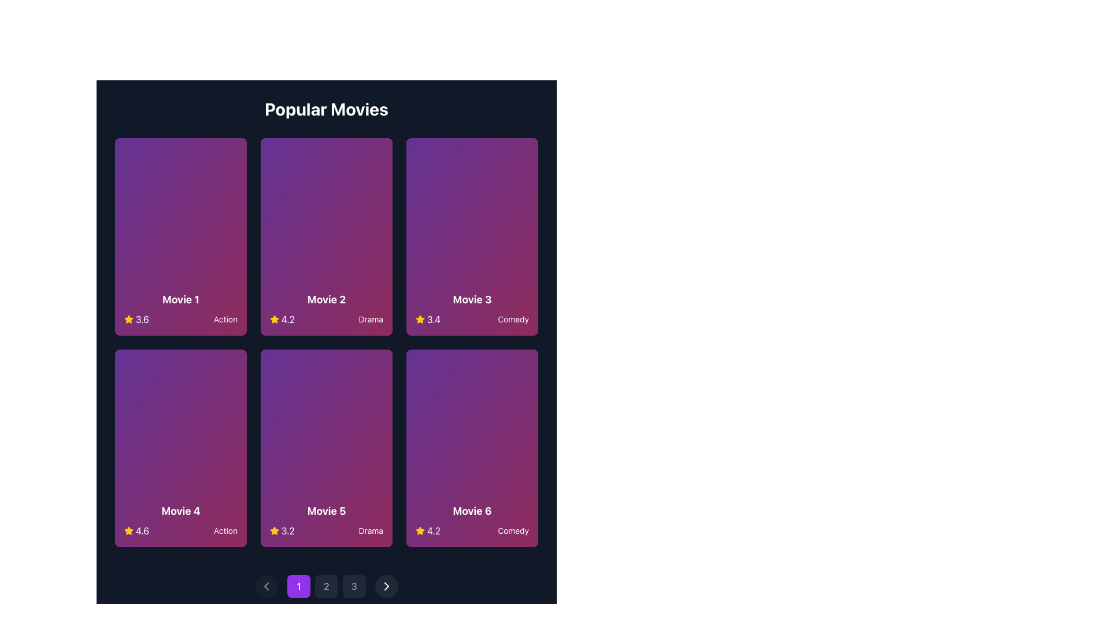  Describe the element at coordinates (225, 530) in the screenshot. I see `the text label reading 'Action' in white color located at the bottom-right corner of the purple card labeled 'Movie 4'` at that location.